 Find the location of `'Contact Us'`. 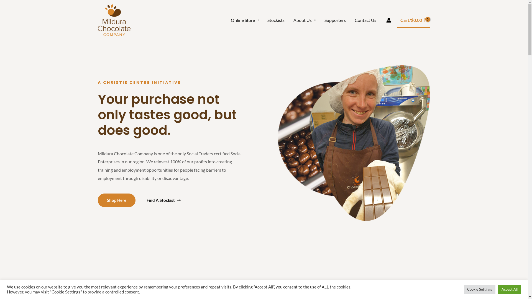

'Contact Us' is located at coordinates (365, 20).